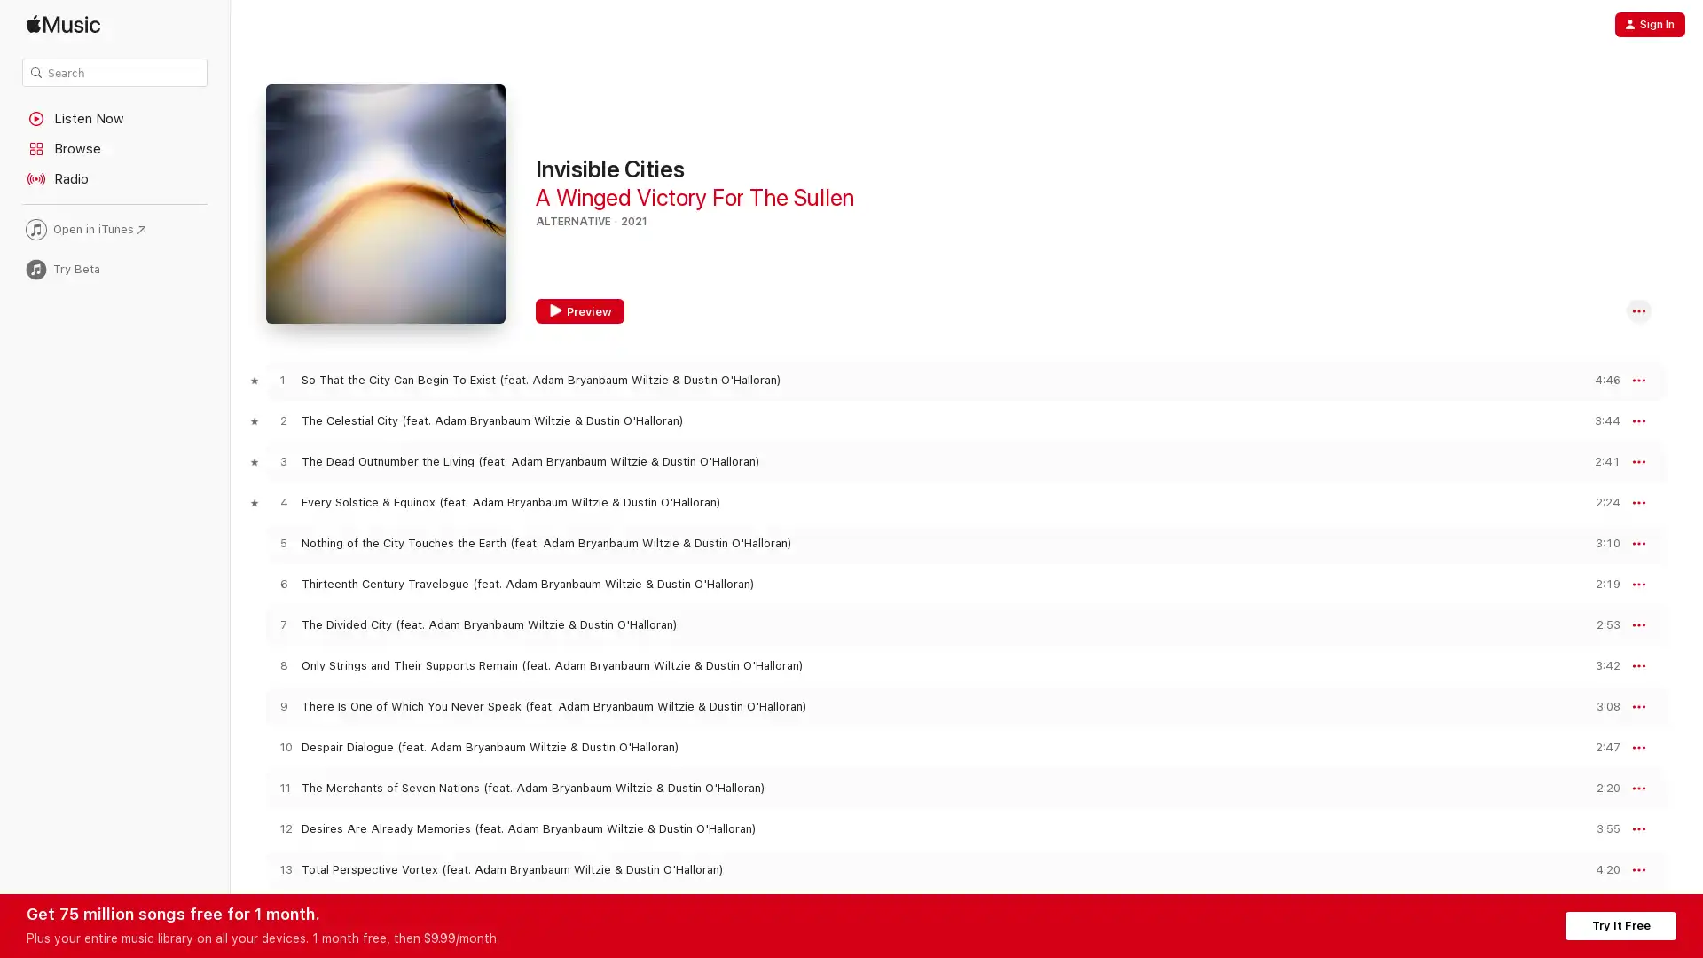 The height and width of the screenshot is (958, 1703). What do you see at coordinates (1638, 828) in the screenshot?
I see `More` at bounding box center [1638, 828].